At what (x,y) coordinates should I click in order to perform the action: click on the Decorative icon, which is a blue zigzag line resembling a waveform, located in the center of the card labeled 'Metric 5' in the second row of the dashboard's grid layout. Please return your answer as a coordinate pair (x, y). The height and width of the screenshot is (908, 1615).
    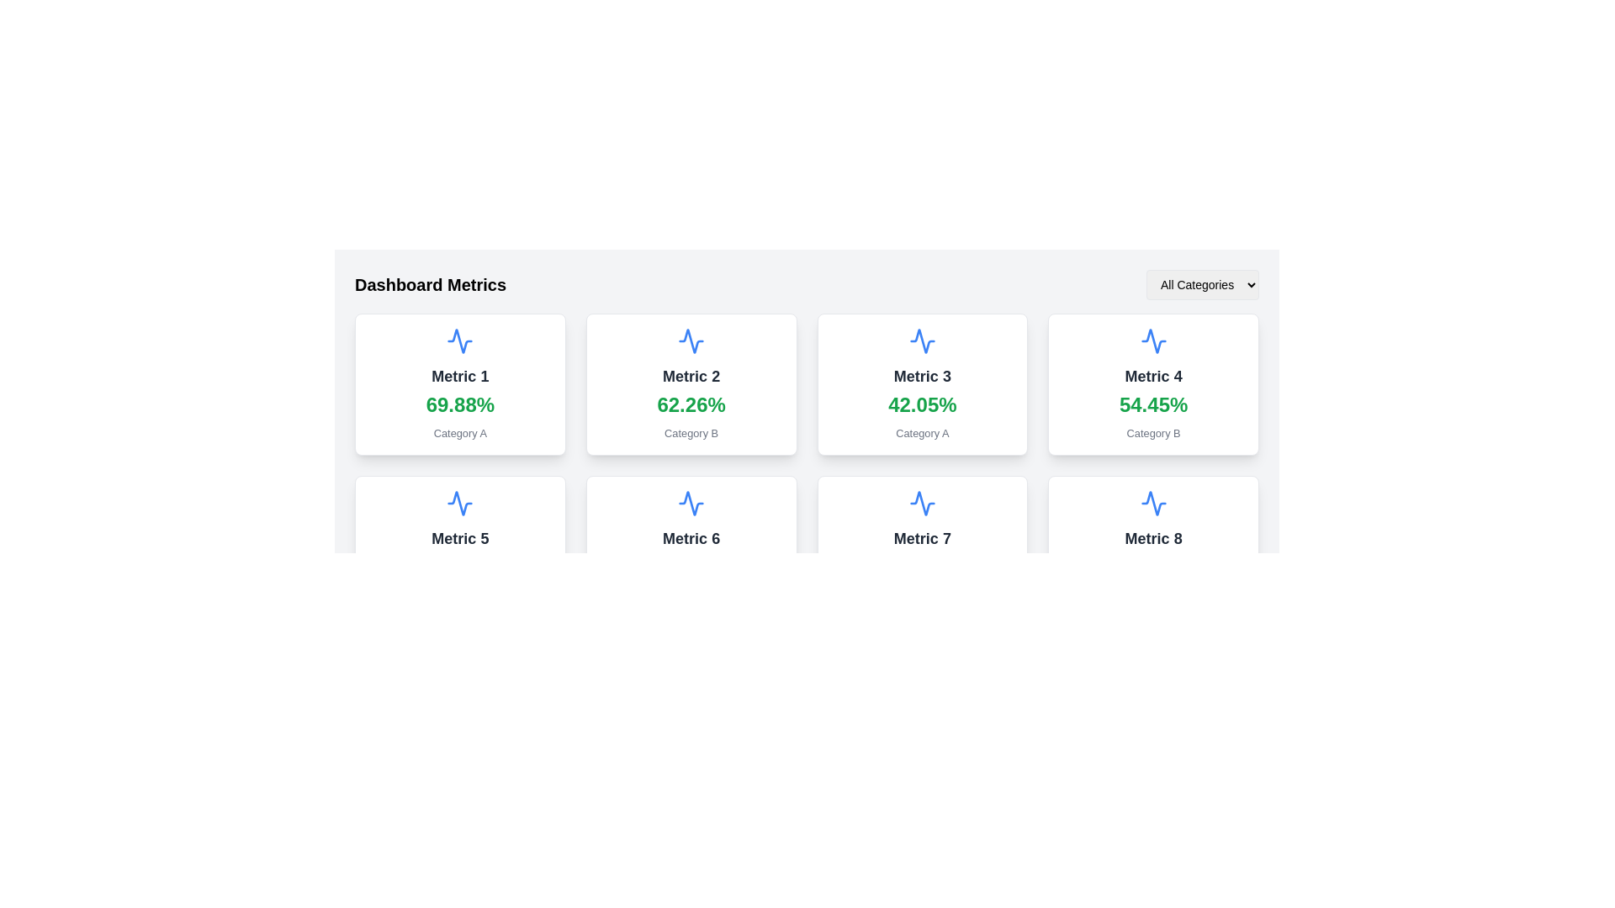
    Looking at the image, I should click on (460, 503).